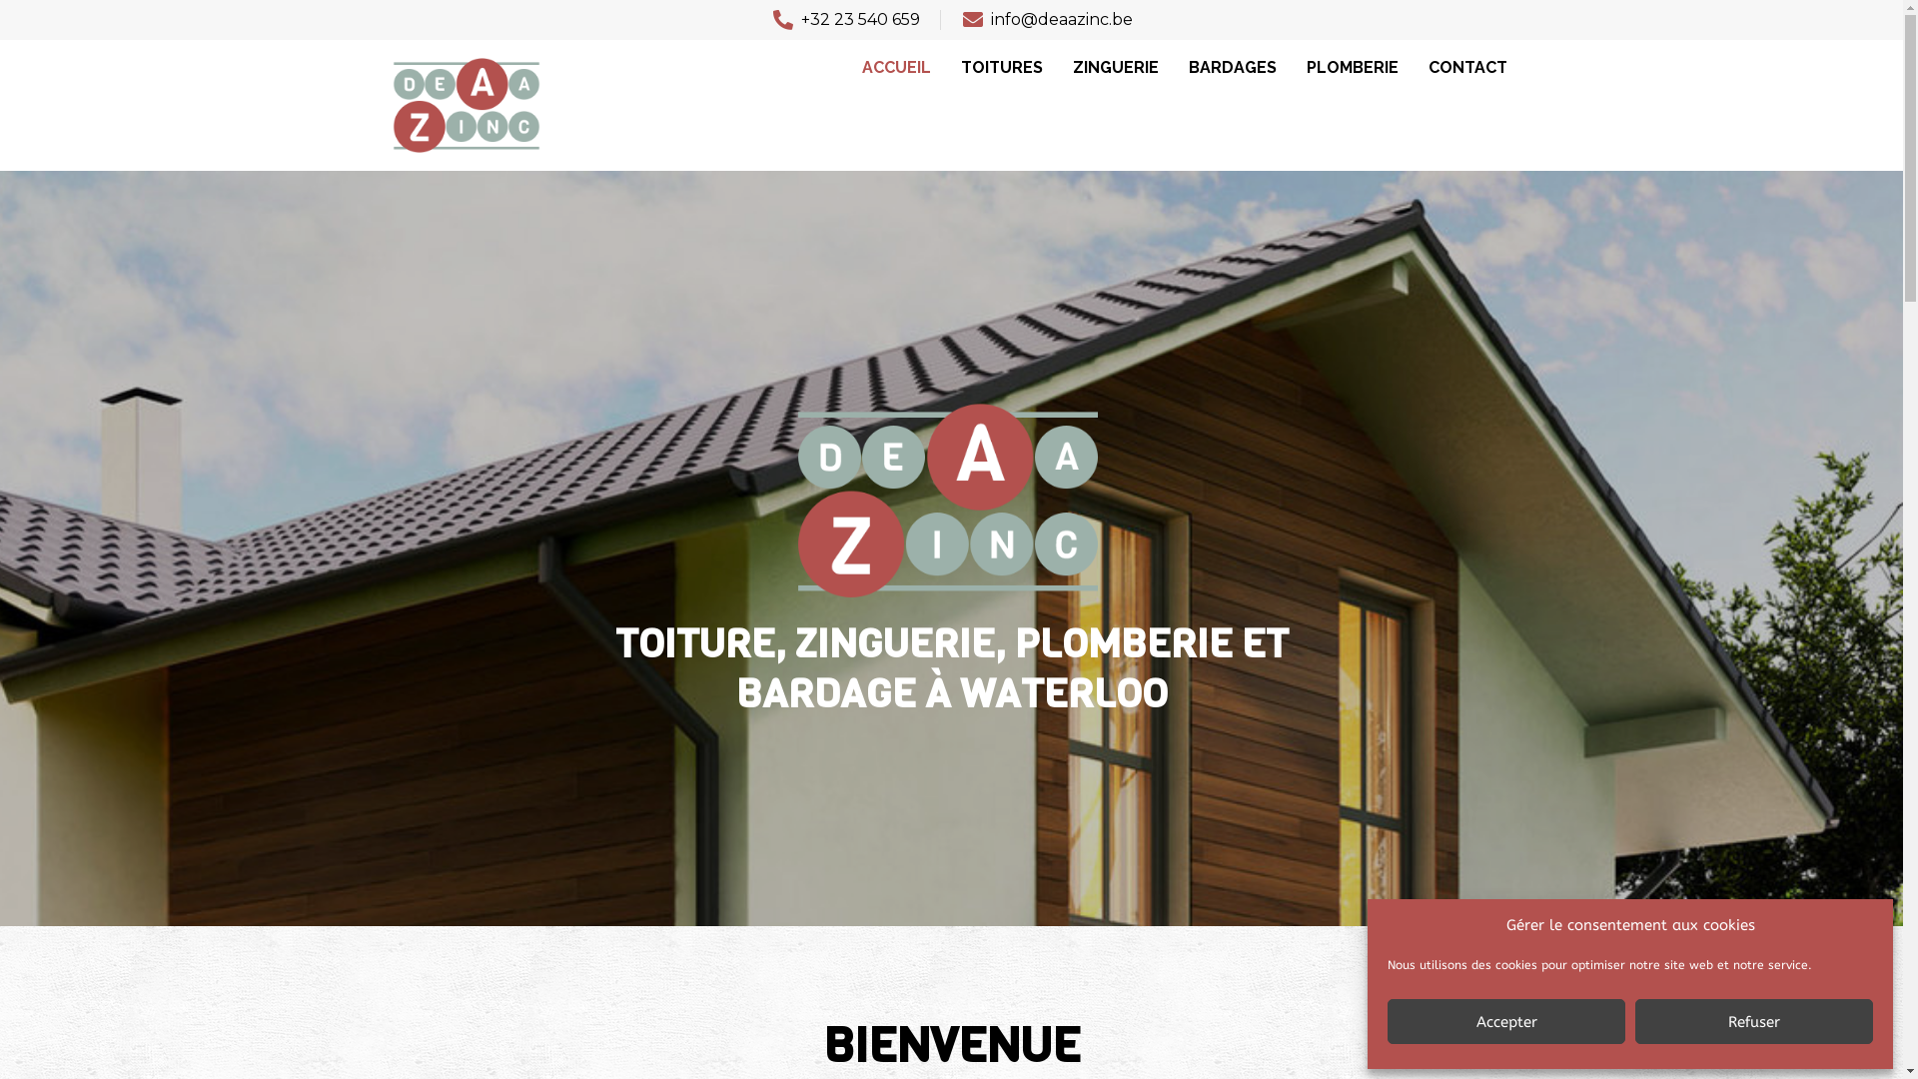 This screenshot has height=1079, width=1918. Describe the element at coordinates (1002, 67) in the screenshot. I see `'TOITURES'` at that location.